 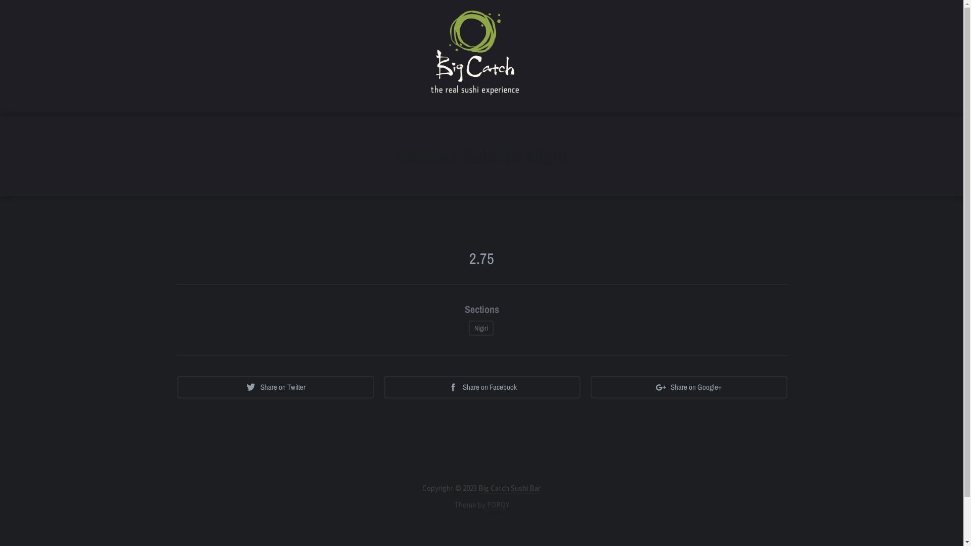 I want to click on 'Nigiri', so click(x=480, y=328).